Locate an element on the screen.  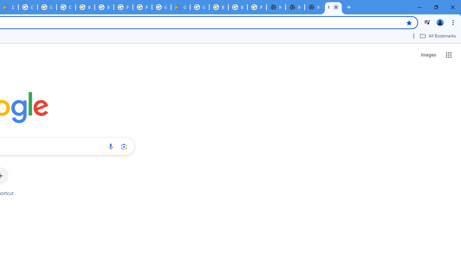
'New Tab' is located at coordinates (333, 7).